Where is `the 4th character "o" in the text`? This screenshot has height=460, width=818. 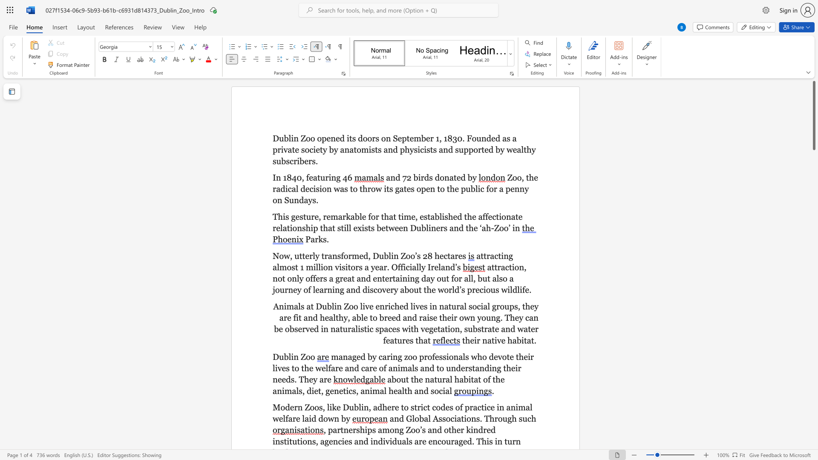
the 4th character "o" in the text is located at coordinates (277, 289).